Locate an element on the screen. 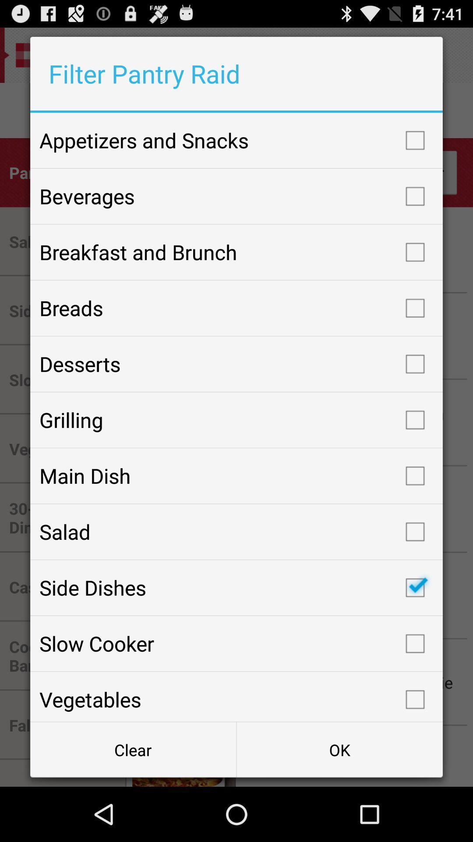 This screenshot has height=842, width=473. beverages item is located at coordinates (236, 196).